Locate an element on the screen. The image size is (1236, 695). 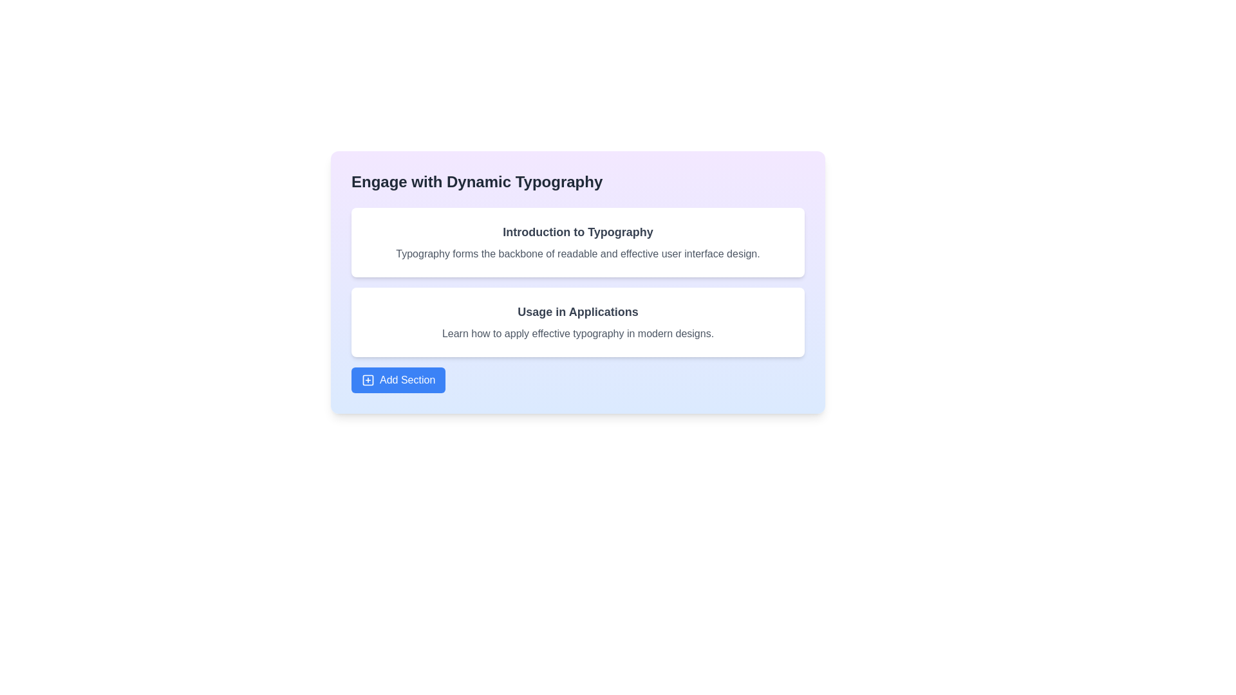
the heading text element located within a white card with rounded corners and a shadow effect, positioned centrally on the interface is located at coordinates (577, 232).